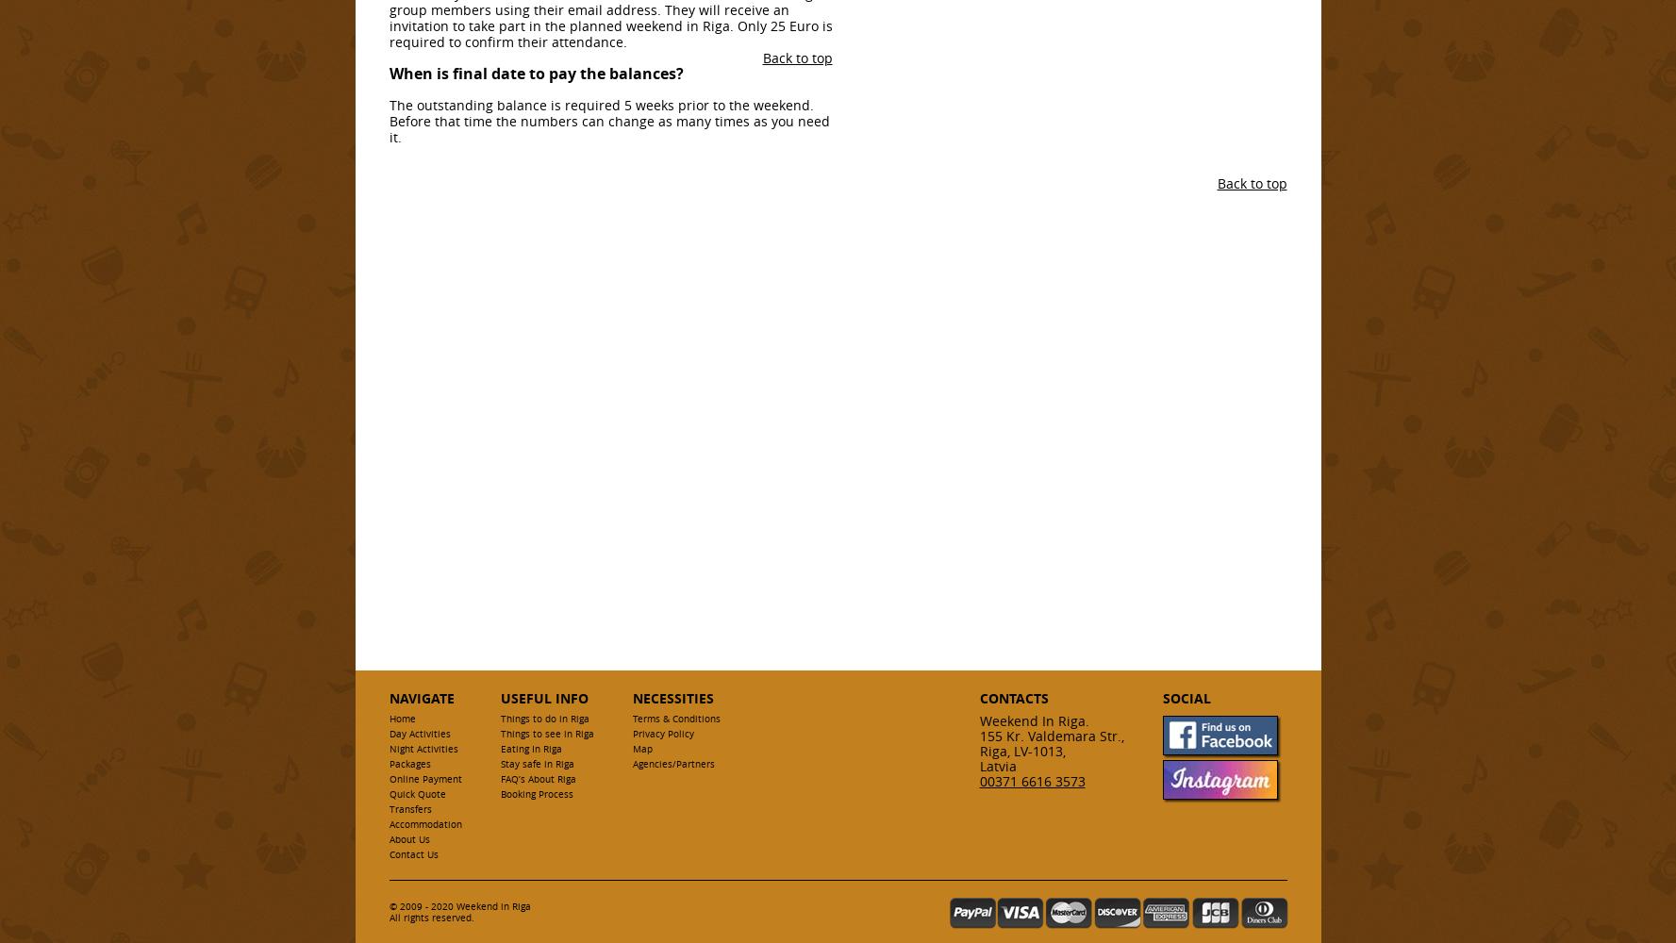  What do you see at coordinates (407, 764) in the screenshot?
I see `'Packages'` at bounding box center [407, 764].